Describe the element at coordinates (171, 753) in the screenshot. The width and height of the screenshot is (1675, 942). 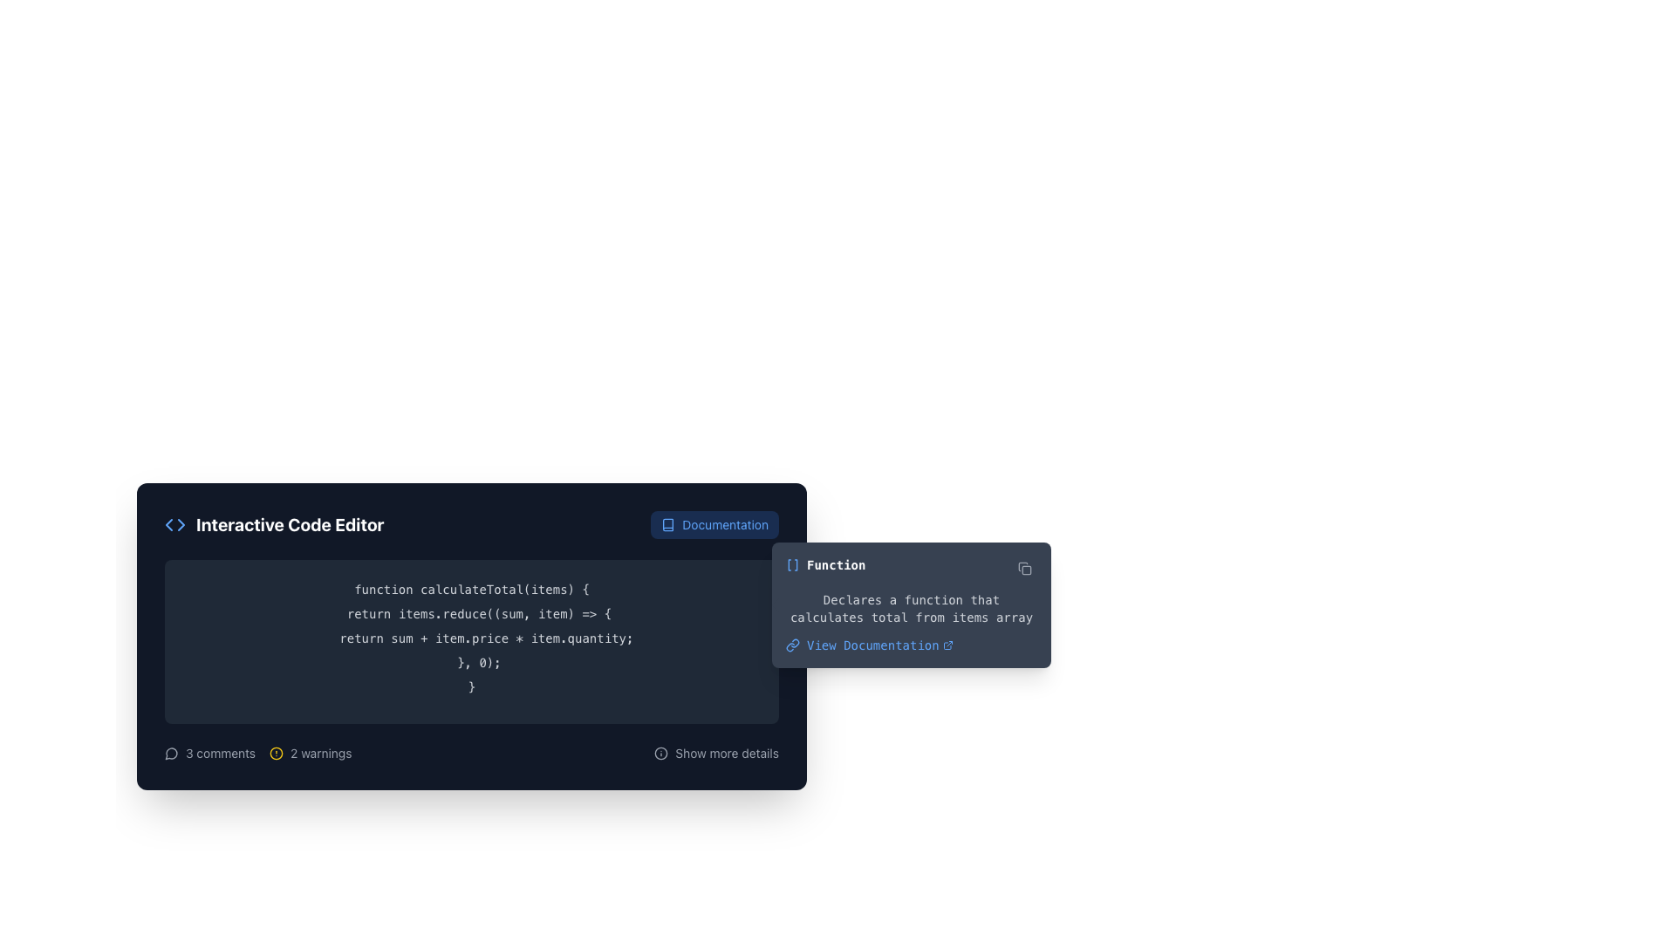
I see `the speech bubble icon located in the bottom-left region of the interactive code editor area, which represents comments or messages` at that location.